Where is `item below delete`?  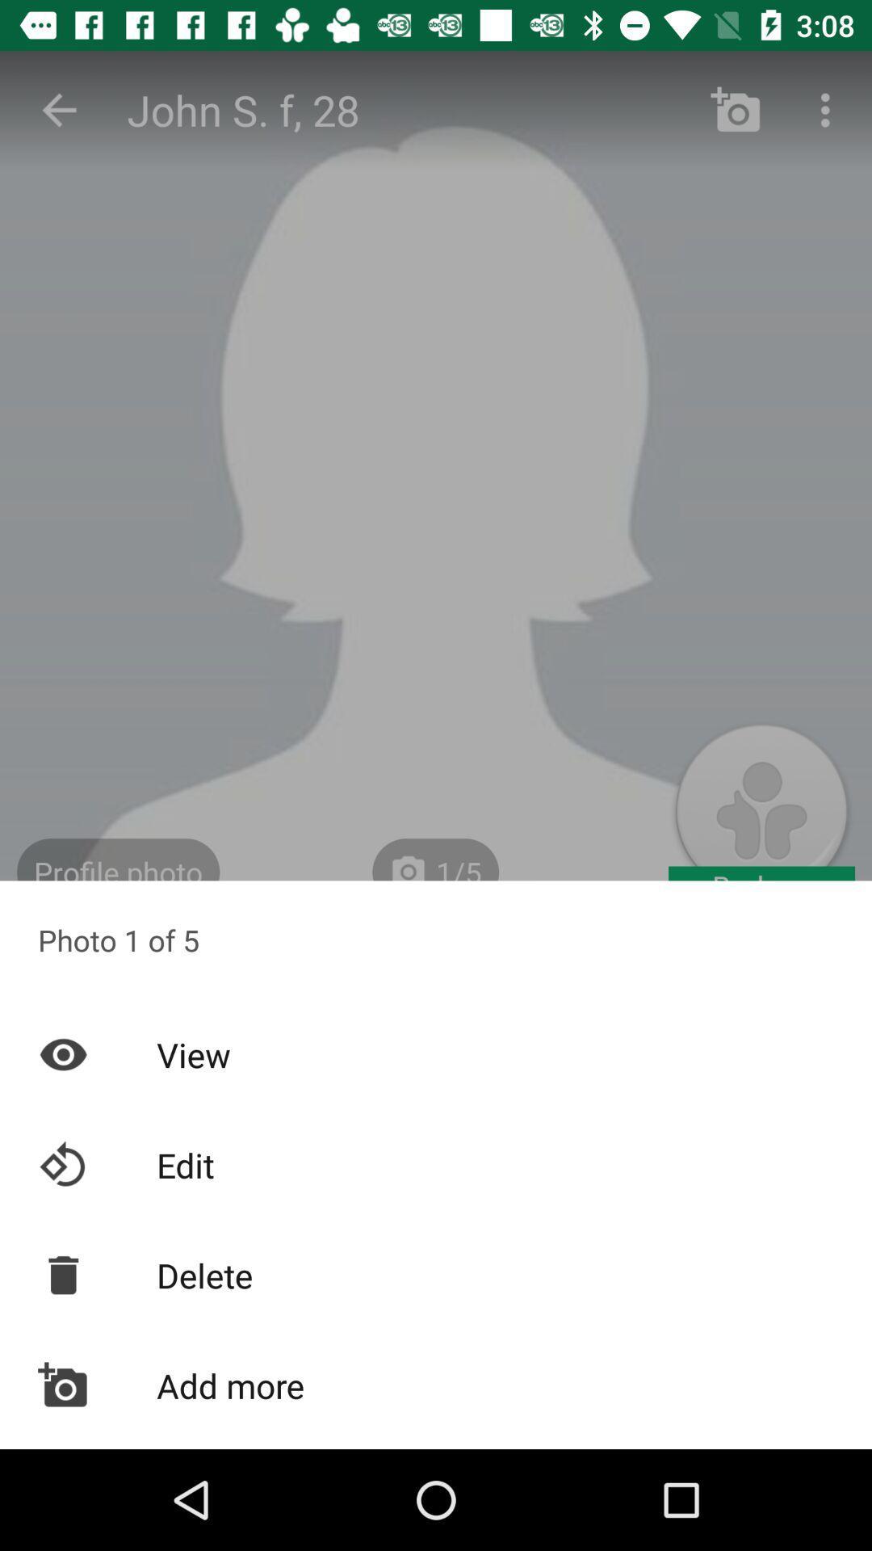
item below delete is located at coordinates (436, 1385).